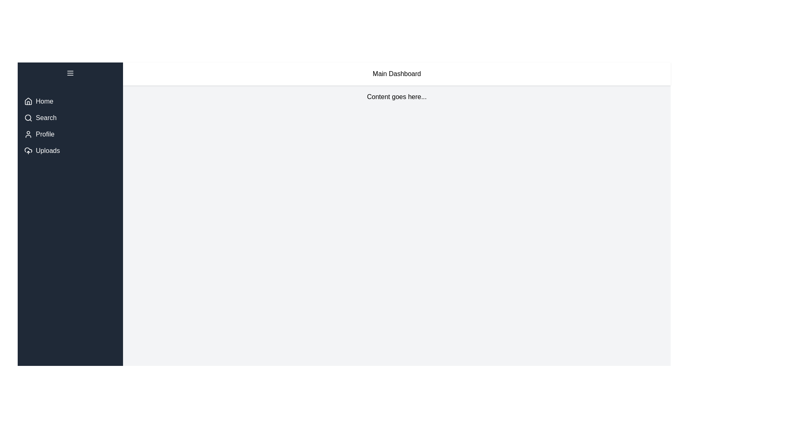  What do you see at coordinates (70, 74) in the screenshot?
I see `the vertically-stacked three-line icon button located at the top-left corner of the sidebar, which is styled in white against a dark background` at bounding box center [70, 74].